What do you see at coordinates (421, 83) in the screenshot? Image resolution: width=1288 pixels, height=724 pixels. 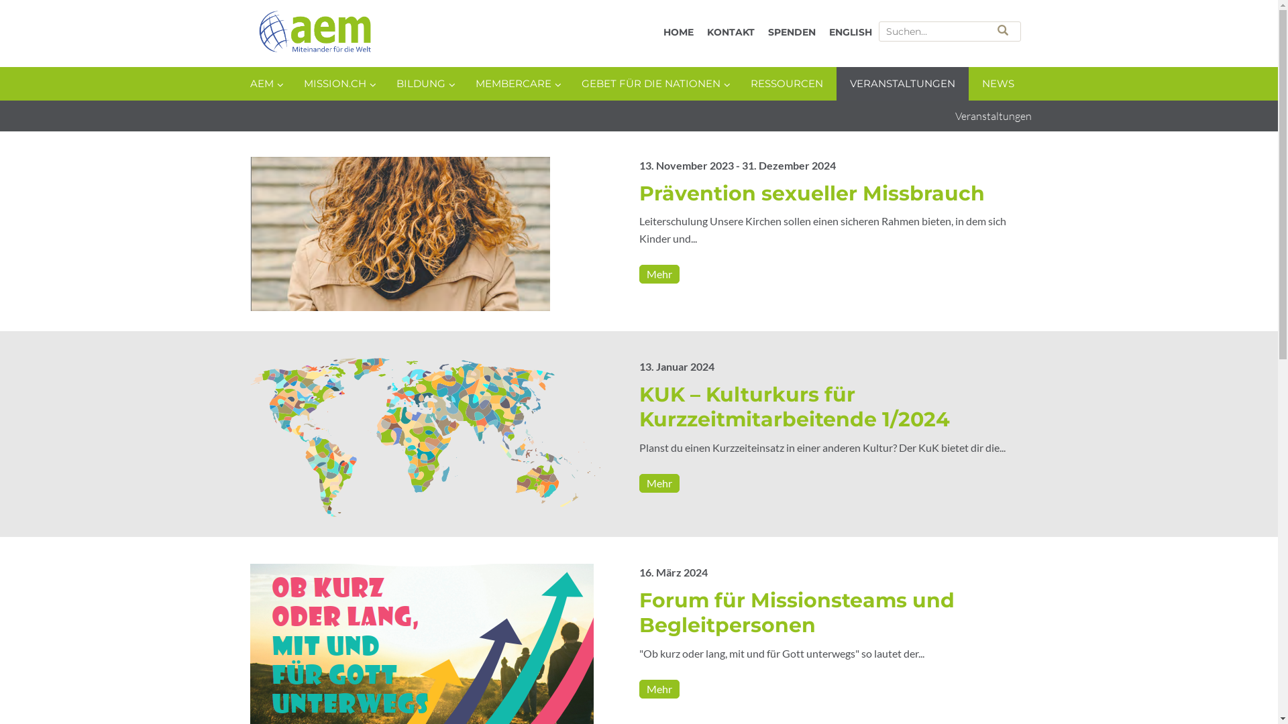 I see `'BILDUNG'` at bounding box center [421, 83].